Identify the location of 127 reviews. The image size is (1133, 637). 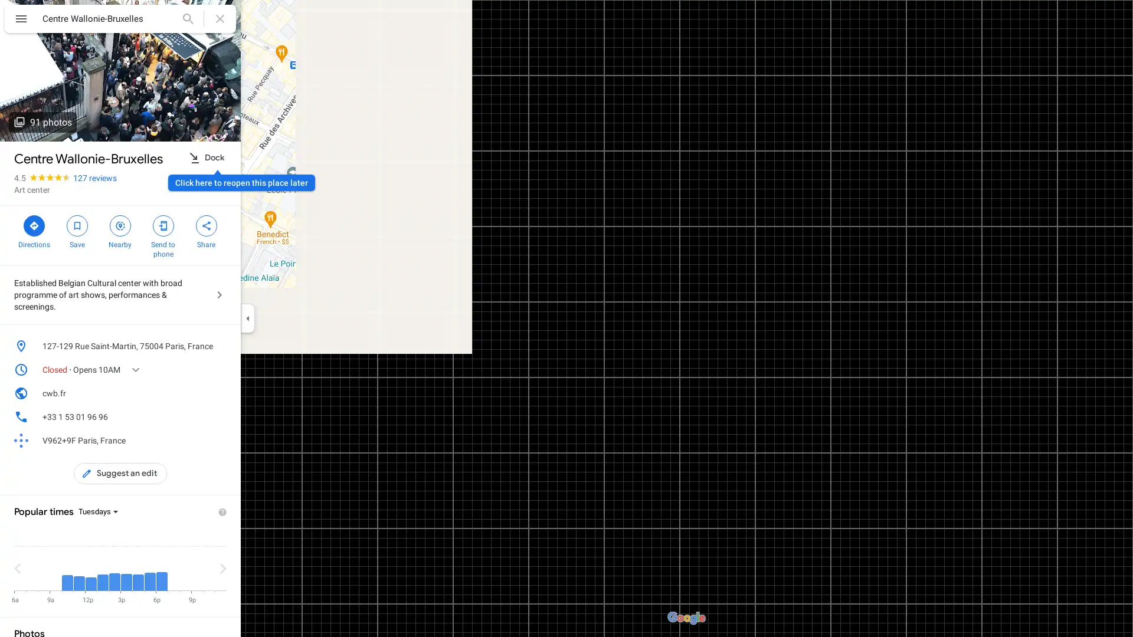
(95, 178).